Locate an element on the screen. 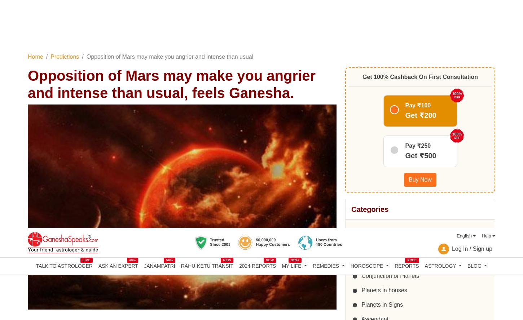  'TALK TO ASTROLOGER' is located at coordinates (36, 37).